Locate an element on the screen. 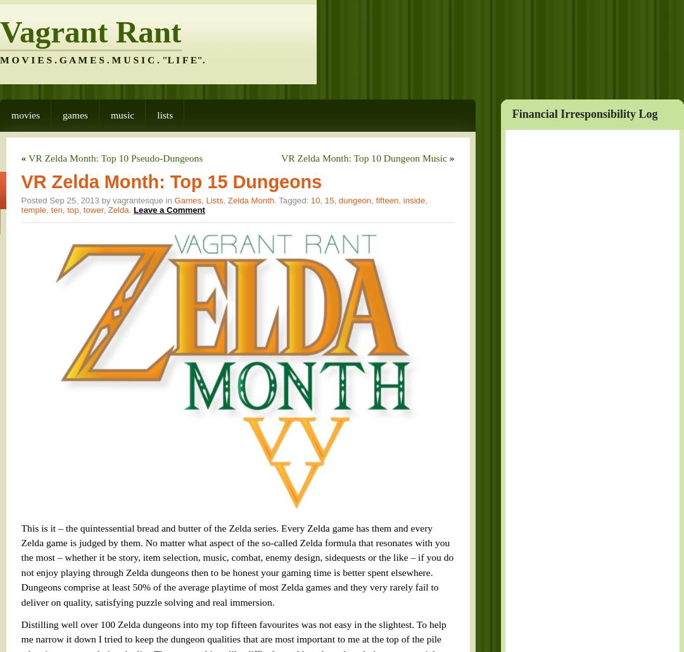 This screenshot has height=652, width=684. 'Movies' is located at coordinates (9, 95).